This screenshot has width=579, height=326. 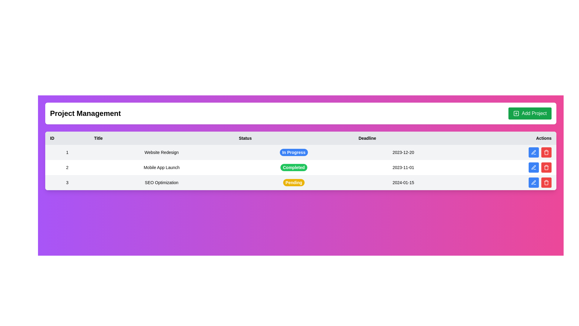 I want to click on the red trash bin icon located on the far right side of the third row in the 'Actions' column of the table, so click(x=546, y=182).